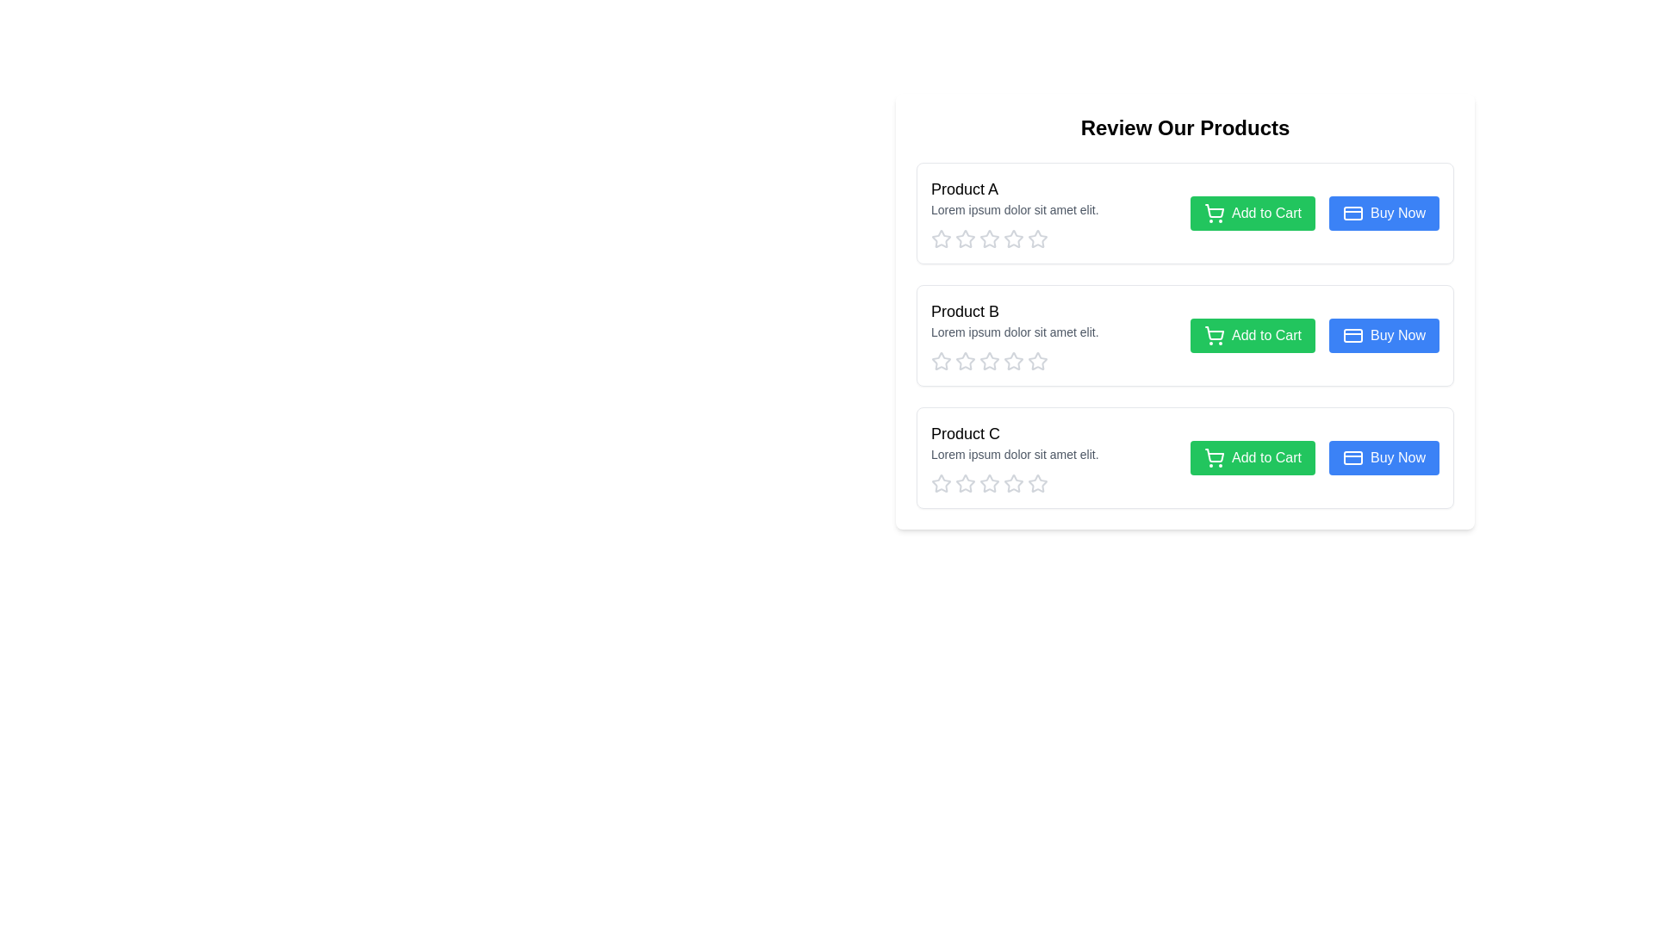 The image size is (1654, 930). What do you see at coordinates (941, 484) in the screenshot?
I see `the first star in the five-star rating system located under the 'Product C' section` at bounding box center [941, 484].